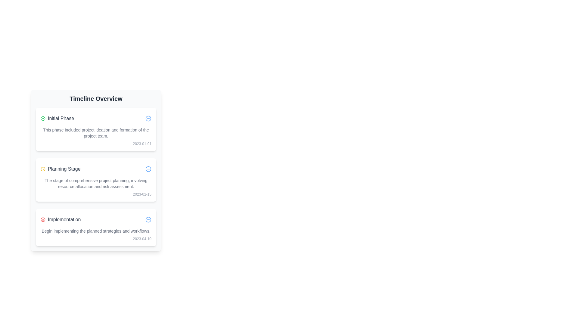  I want to click on the circular icon button containing a minus symbol, which is located to the right of the 'Planning Stage' label, so click(148, 169).